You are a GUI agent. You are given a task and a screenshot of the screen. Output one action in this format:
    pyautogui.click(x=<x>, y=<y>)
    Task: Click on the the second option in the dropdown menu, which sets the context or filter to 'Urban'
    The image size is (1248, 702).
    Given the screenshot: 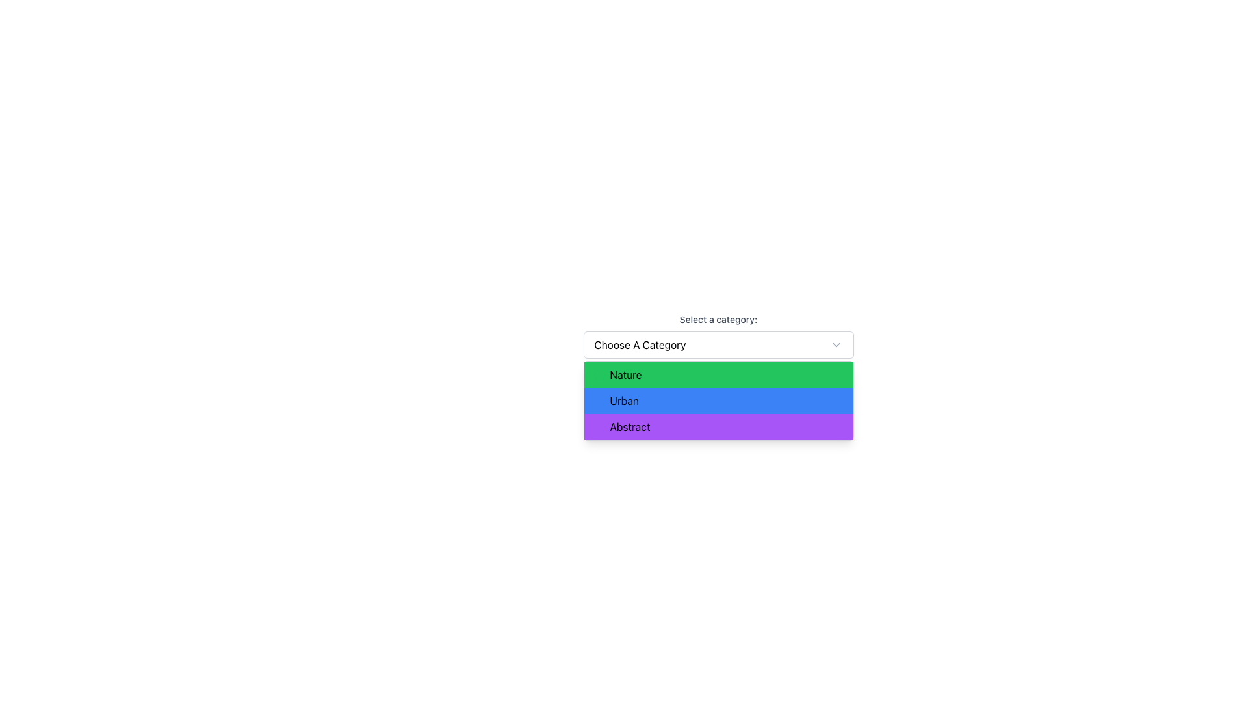 What is the action you would take?
    pyautogui.click(x=718, y=400)
    